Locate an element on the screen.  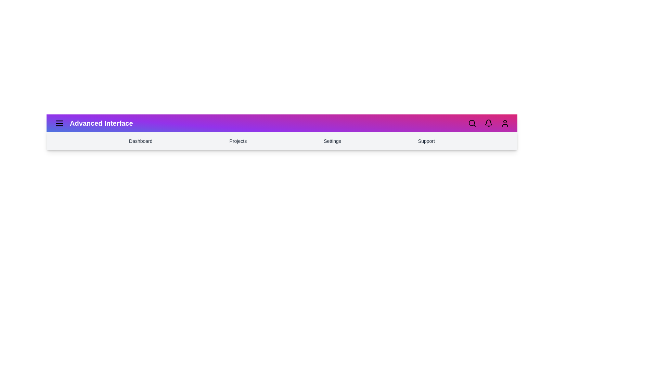
the menu item Dashboard to navigate to the respective section is located at coordinates (140, 141).